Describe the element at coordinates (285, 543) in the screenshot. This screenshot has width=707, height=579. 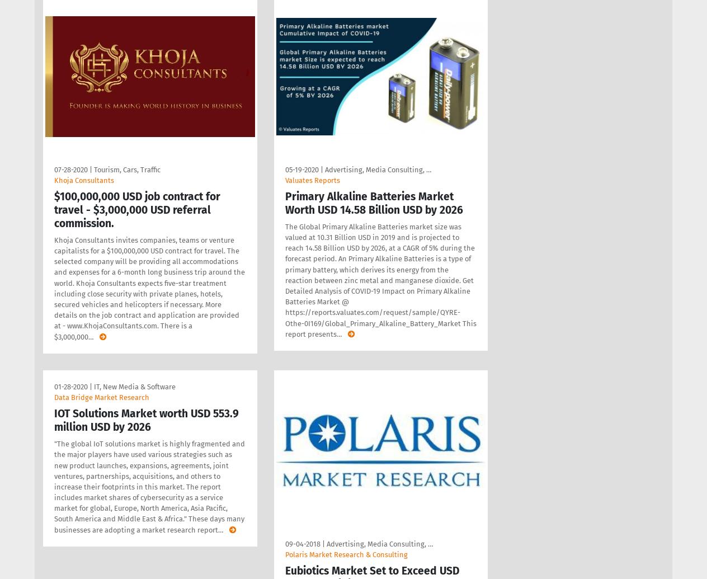
I see `'09-04-2018'` at that location.